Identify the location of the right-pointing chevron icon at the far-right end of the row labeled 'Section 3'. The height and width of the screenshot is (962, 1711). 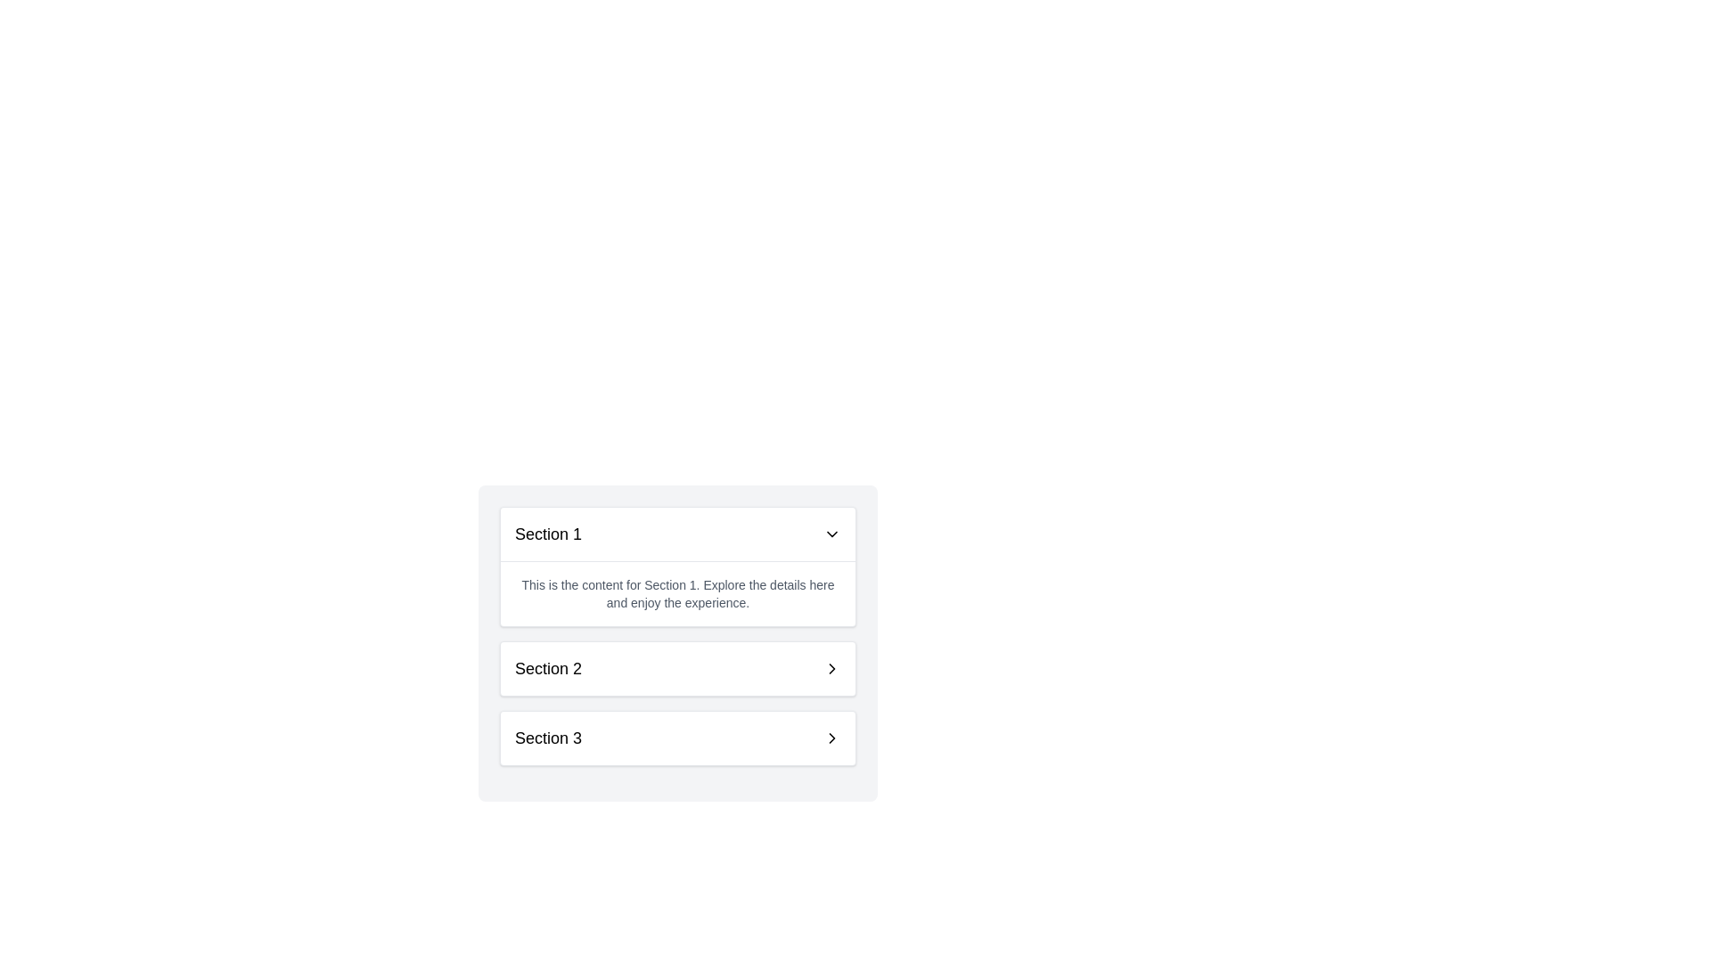
(831, 738).